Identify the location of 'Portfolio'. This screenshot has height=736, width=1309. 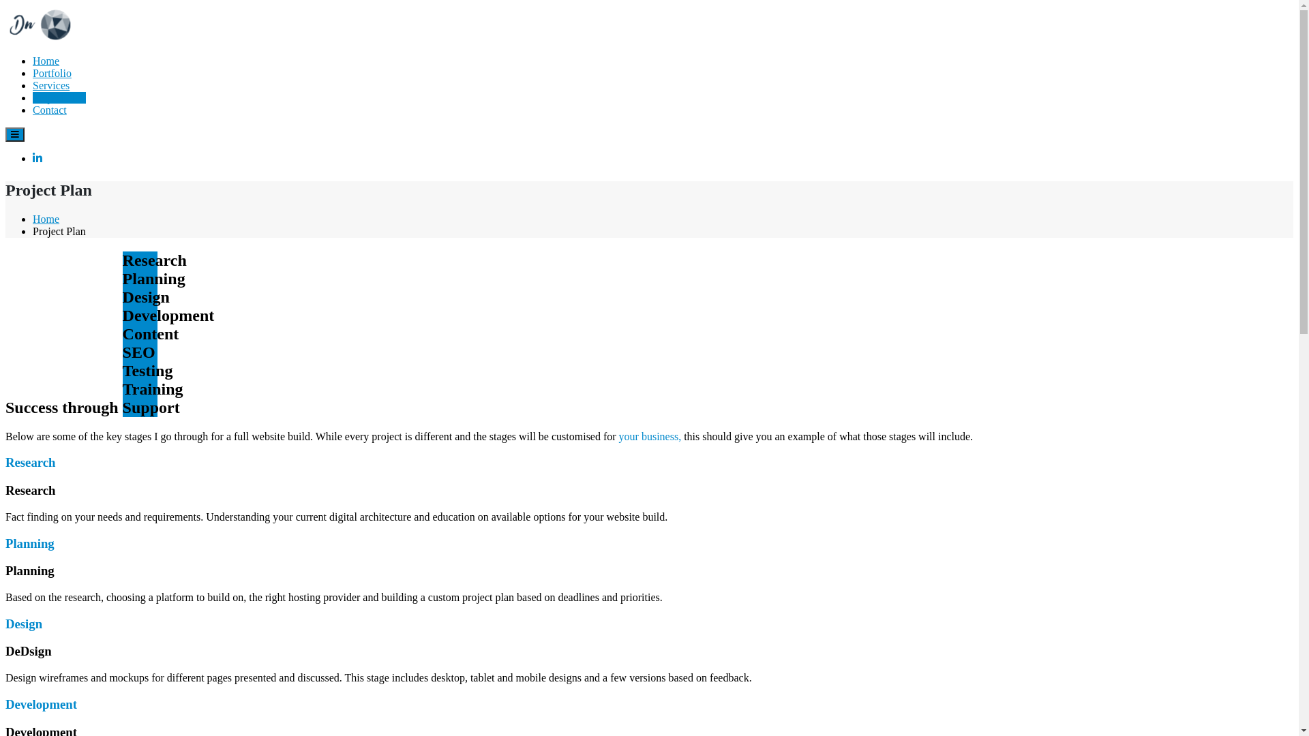
(33, 73).